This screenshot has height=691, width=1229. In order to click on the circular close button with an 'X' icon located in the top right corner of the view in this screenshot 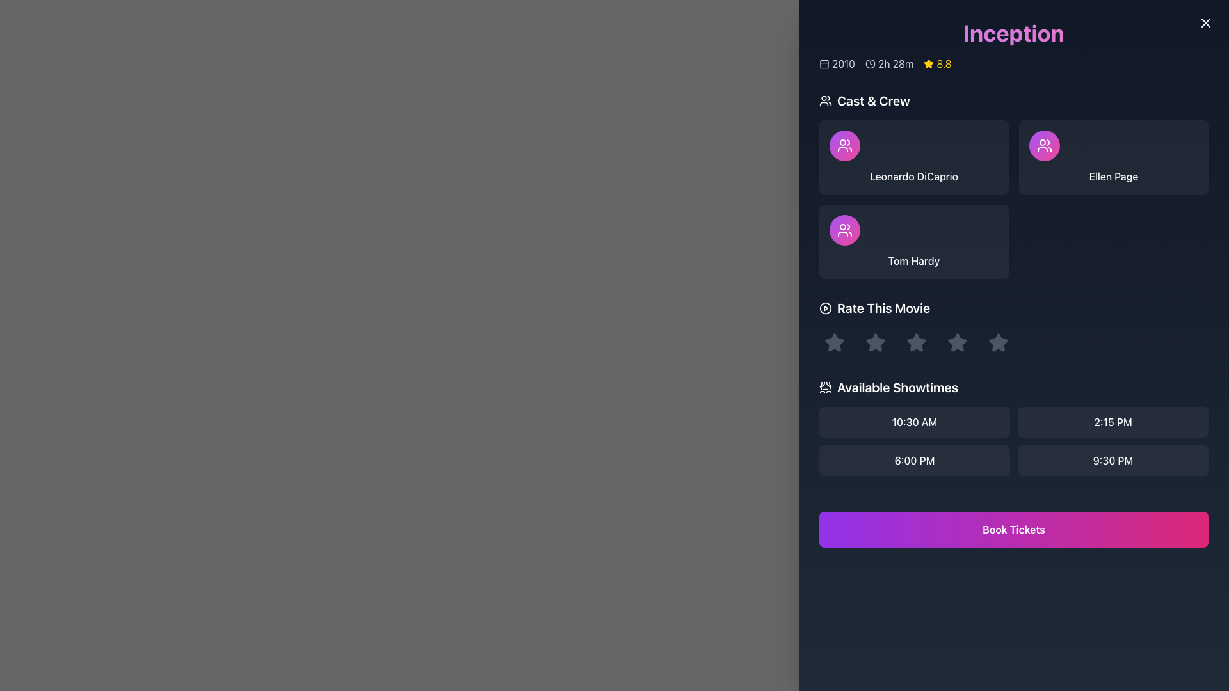, I will do `click(1205, 22)`.